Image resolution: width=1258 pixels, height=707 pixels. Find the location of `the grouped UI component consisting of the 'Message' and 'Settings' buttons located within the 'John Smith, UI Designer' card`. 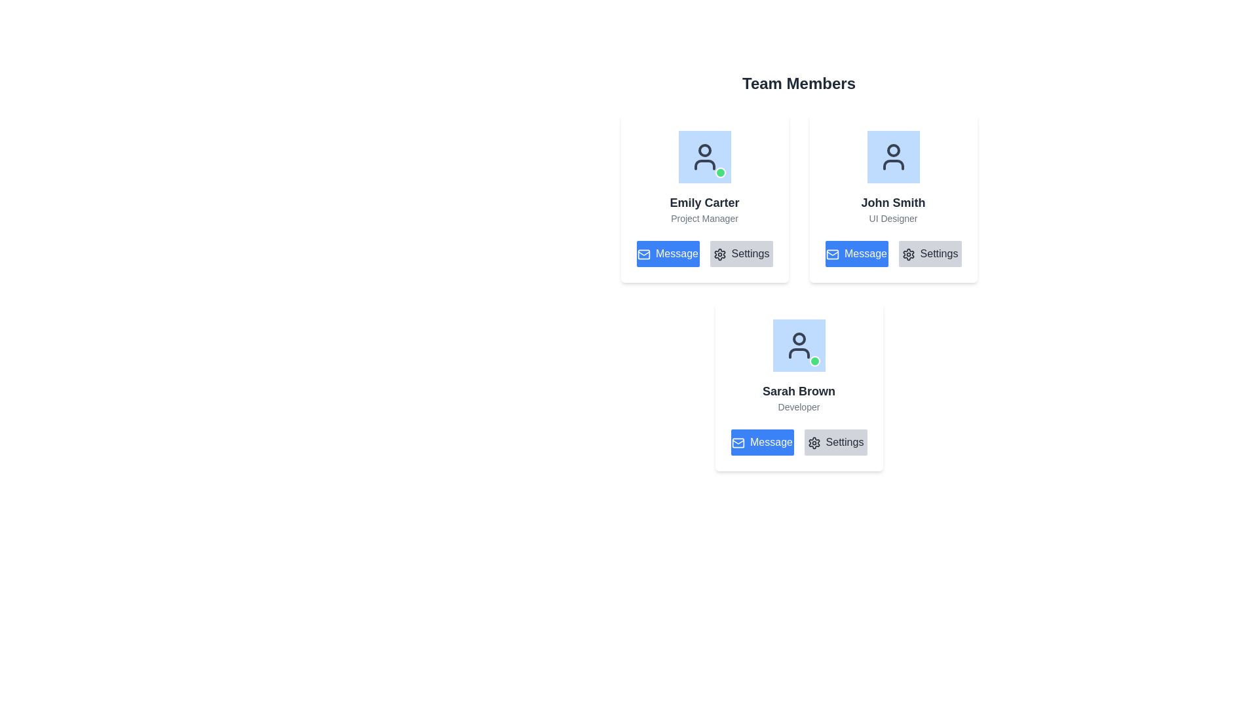

the grouped UI component consisting of the 'Message' and 'Settings' buttons located within the 'John Smith, UI Designer' card is located at coordinates (892, 254).